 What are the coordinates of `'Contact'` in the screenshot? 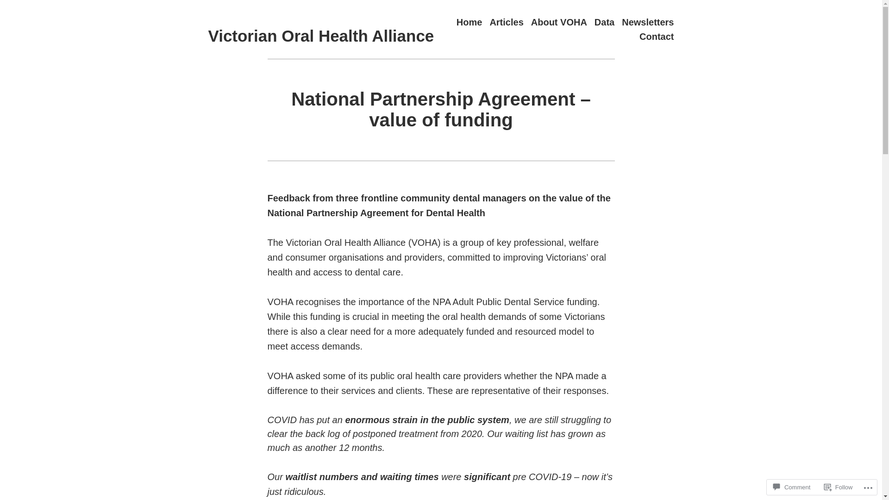 It's located at (656, 36).